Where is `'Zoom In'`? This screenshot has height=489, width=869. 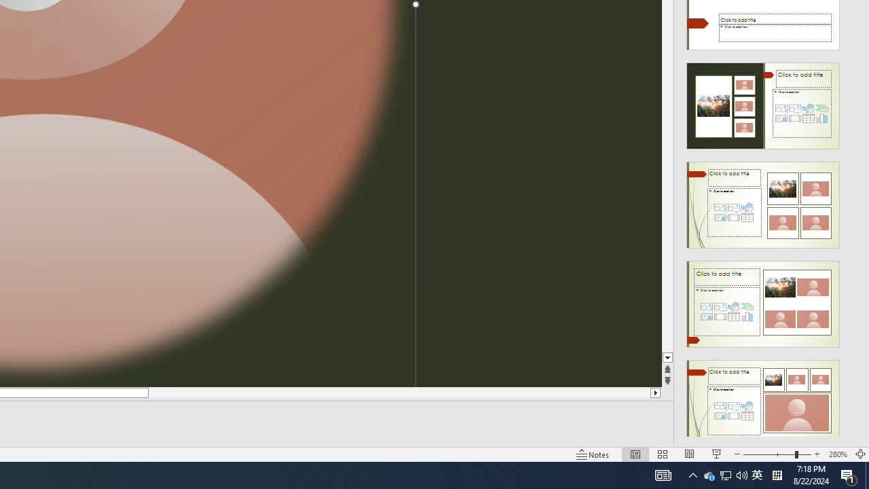
'Zoom In' is located at coordinates (817, 454).